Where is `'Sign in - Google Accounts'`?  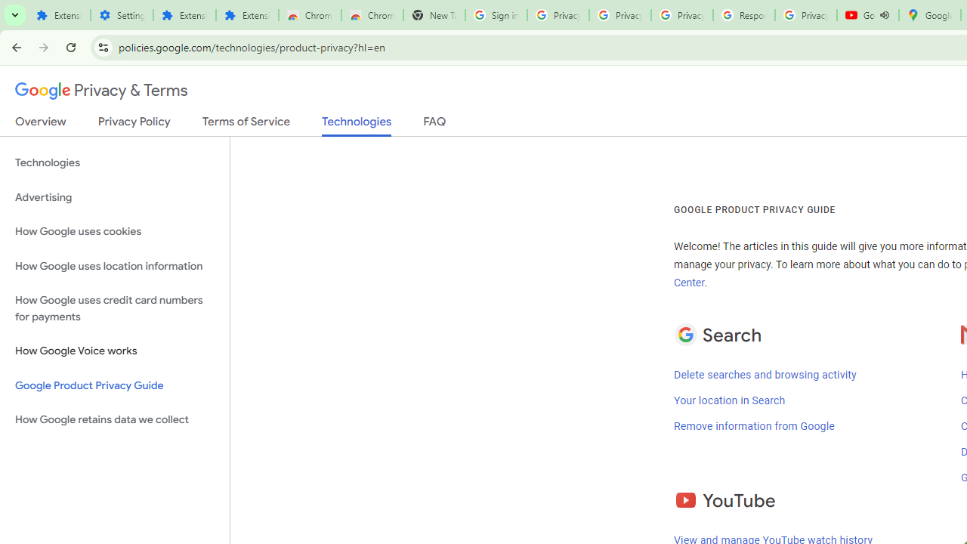 'Sign in - Google Accounts' is located at coordinates (496, 15).